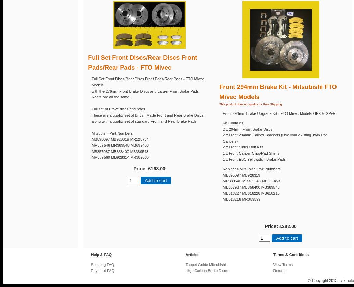  Describe the element at coordinates (247, 129) in the screenshot. I see `'2 x 294mm Front Brake Discs'` at that location.